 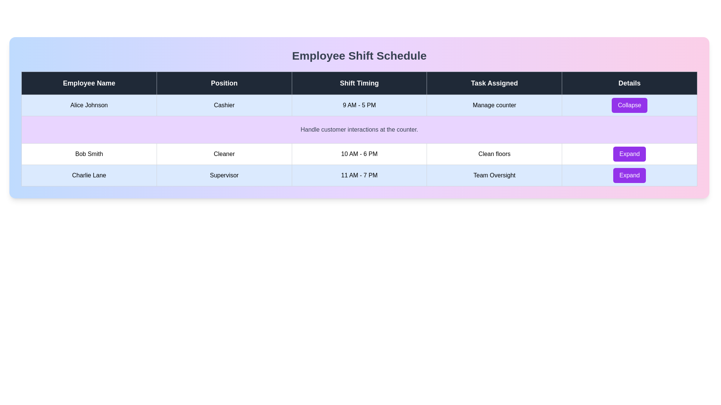 What do you see at coordinates (359, 129) in the screenshot?
I see `text element that says 'Handle customer interactions at the counter.', which is styled in gray on a light purple background and located beneath the 'Alice Johnson' section in the 'Employee Shift Schedule' table` at bounding box center [359, 129].